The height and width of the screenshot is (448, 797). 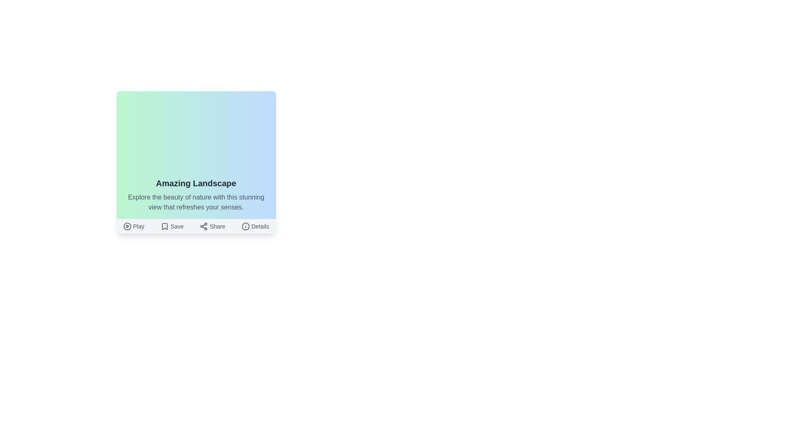 What do you see at coordinates (245, 226) in the screenshot?
I see `the circular gray icon with a dot and vertical line inside, located in the 'Details' button area under the Amazing Landscape card` at bounding box center [245, 226].